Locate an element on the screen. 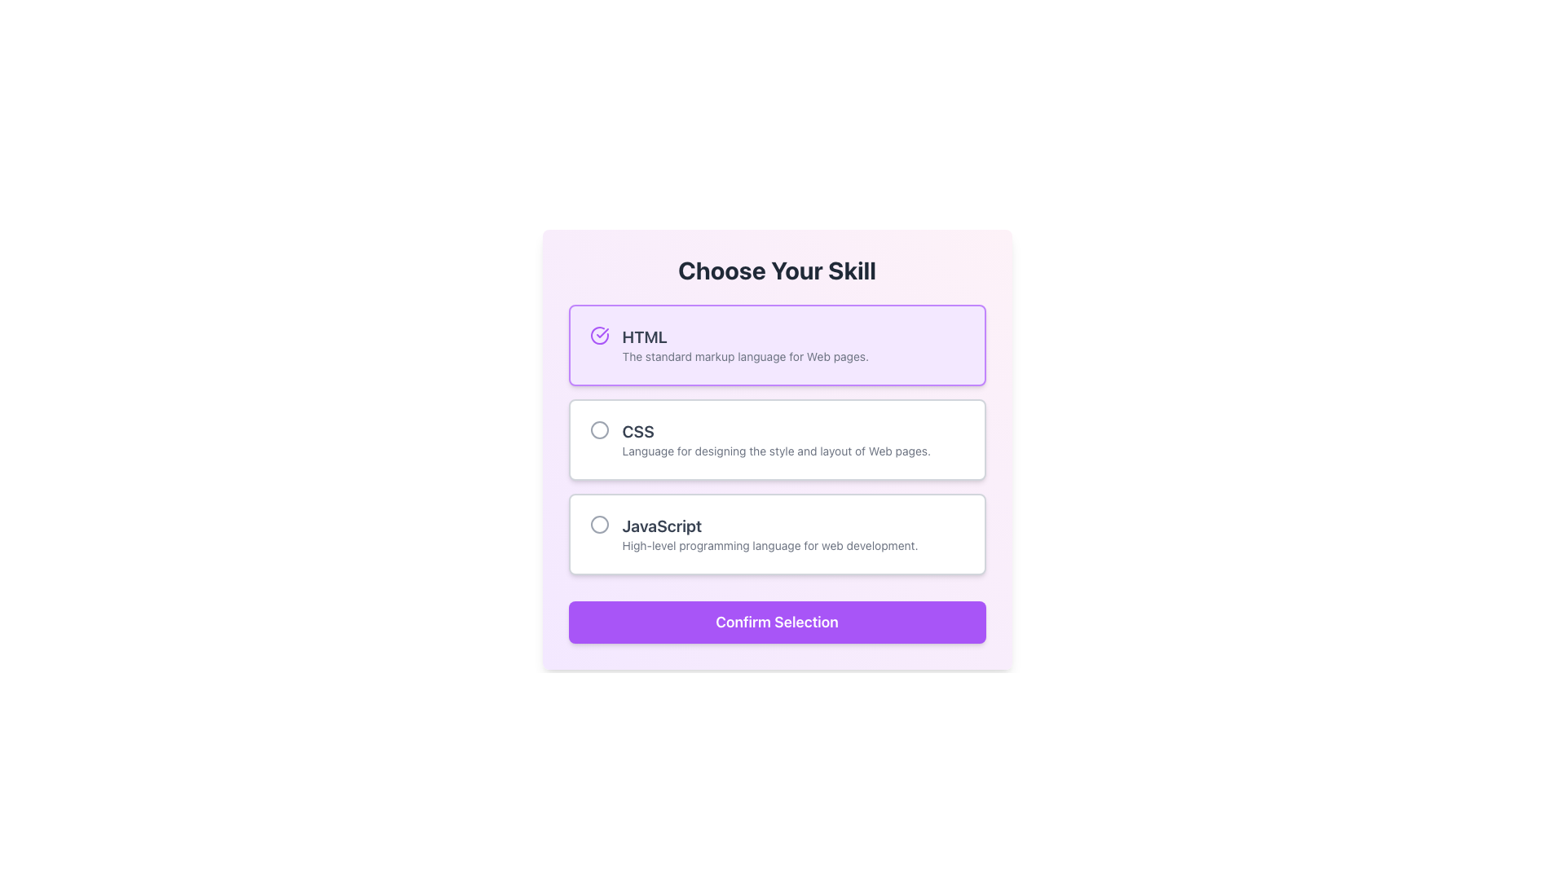 This screenshot has height=880, width=1565. the confirmation button located at the bottom of the form to confirm the selection of options is located at coordinates (776, 622).